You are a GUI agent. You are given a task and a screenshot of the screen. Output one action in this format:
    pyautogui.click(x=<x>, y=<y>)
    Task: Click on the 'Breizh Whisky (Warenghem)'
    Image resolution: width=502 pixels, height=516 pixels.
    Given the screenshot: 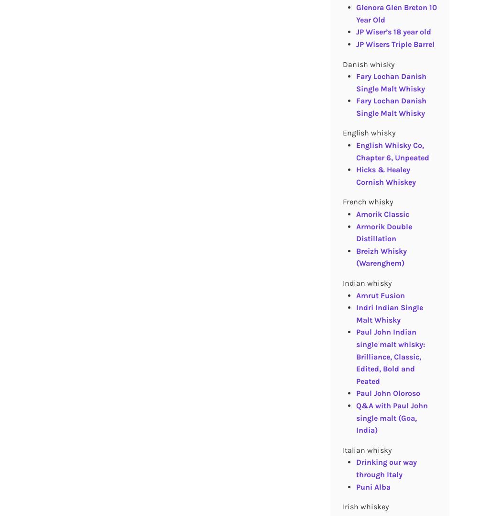 What is the action you would take?
    pyautogui.click(x=355, y=257)
    